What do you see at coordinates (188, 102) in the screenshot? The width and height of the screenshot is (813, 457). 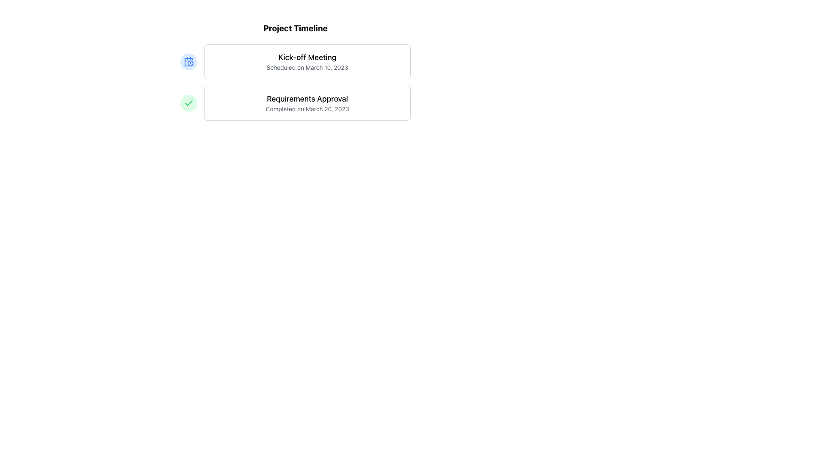 I see `the completion status icon located on the left side of the 'Requirements Approval' section, adjacent to the text 'Completed on March 20, 2023'` at bounding box center [188, 102].